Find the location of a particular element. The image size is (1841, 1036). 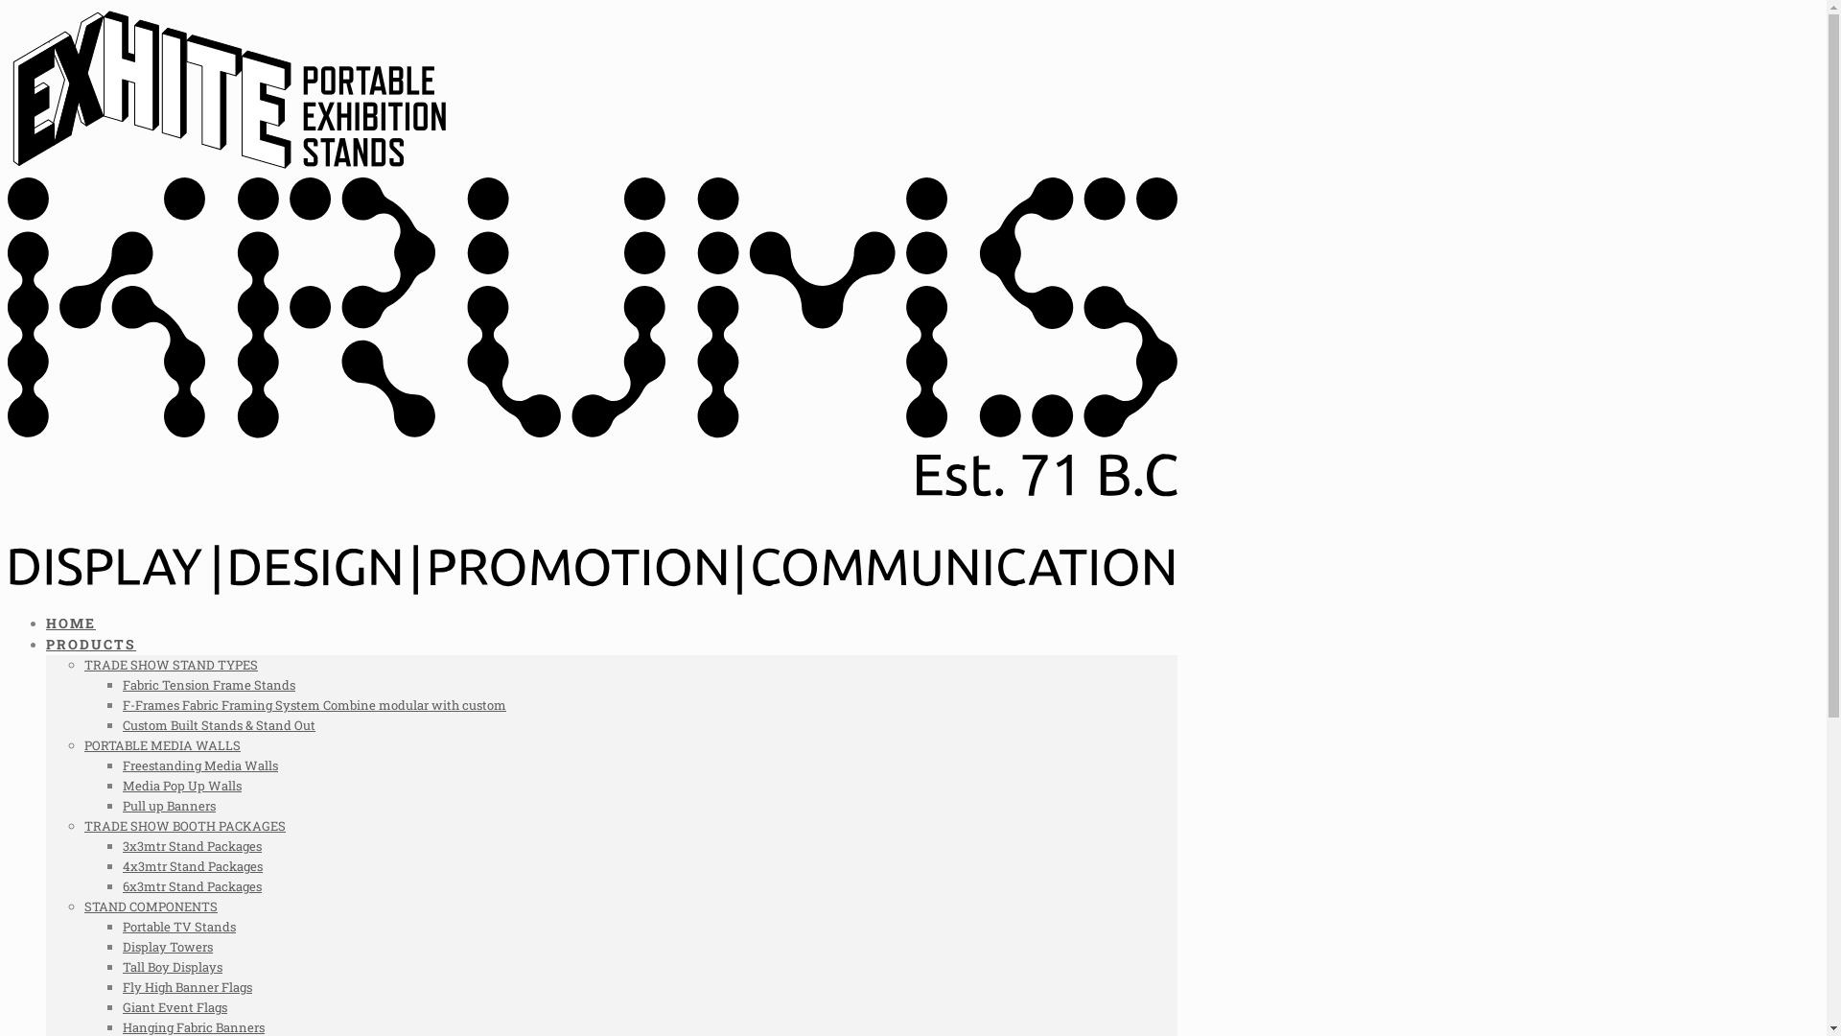

'F-Frames Fabric Framing System Combine modular with custom' is located at coordinates (314, 705).